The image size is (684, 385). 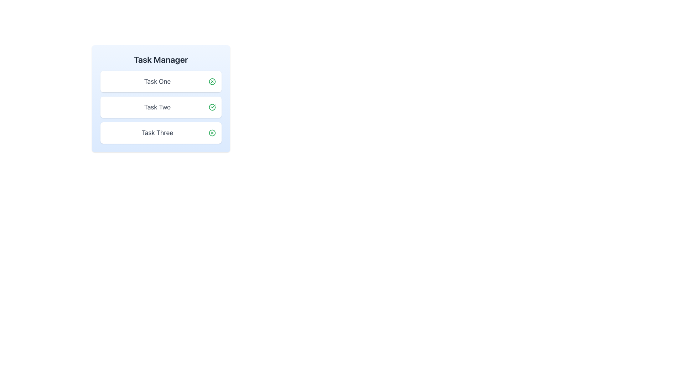 I want to click on the Text Header which serves as the main title for the task management panel, so click(x=160, y=59).